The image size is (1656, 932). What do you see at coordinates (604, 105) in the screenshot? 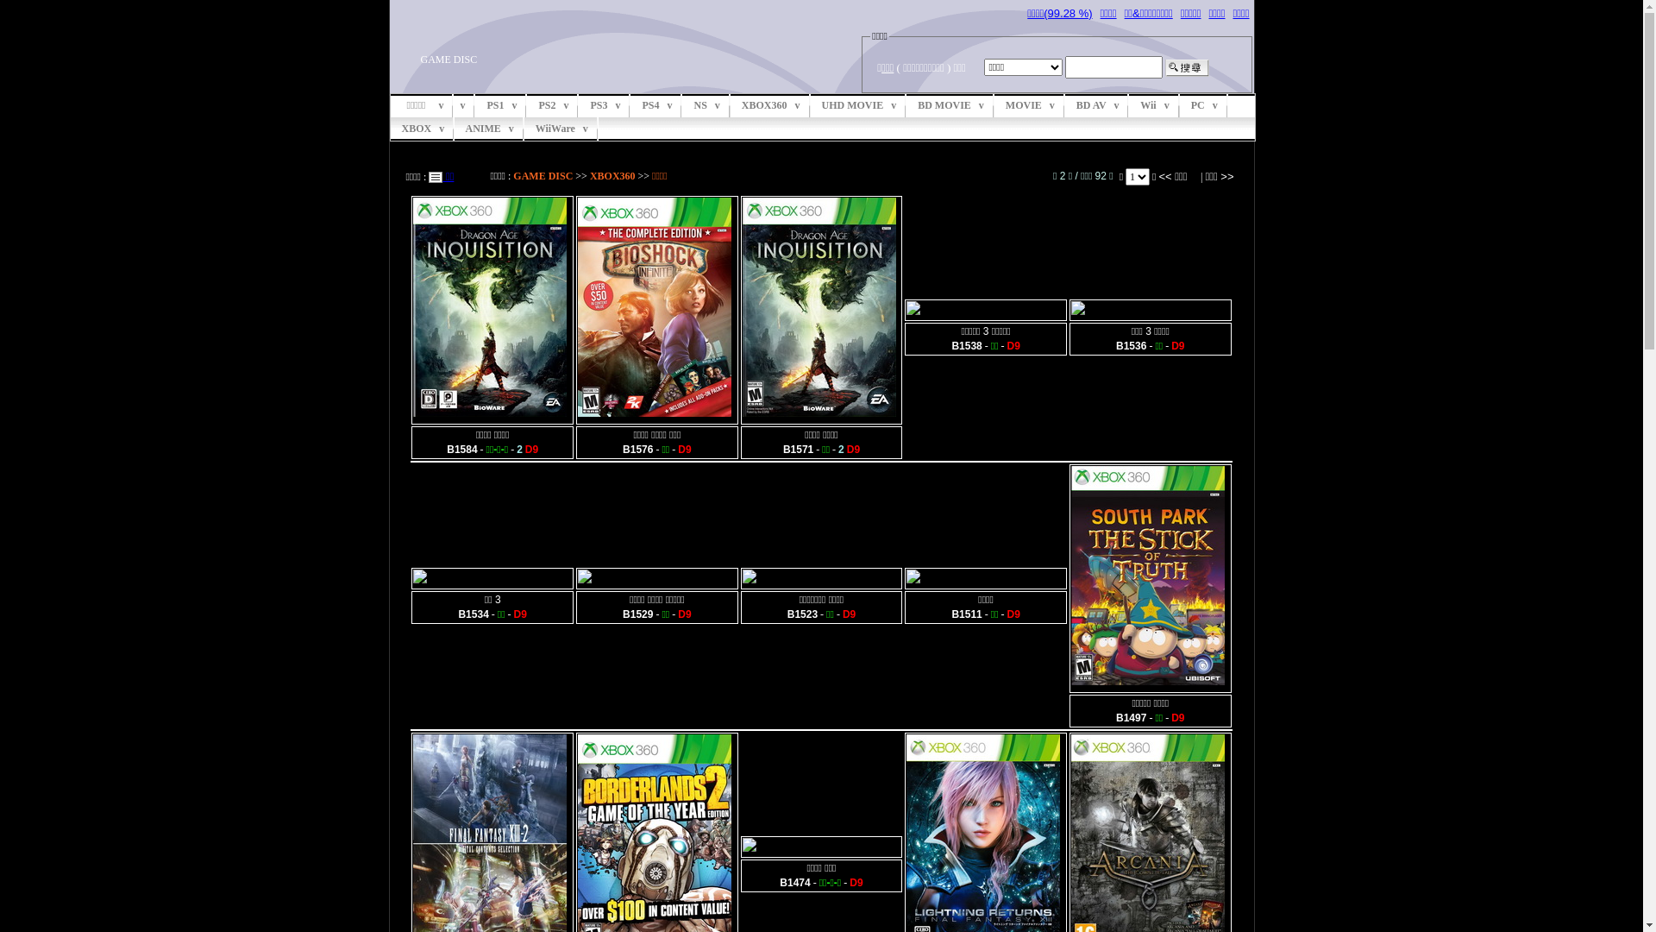
I see `'  PS3  '` at bounding box center [604, 105].